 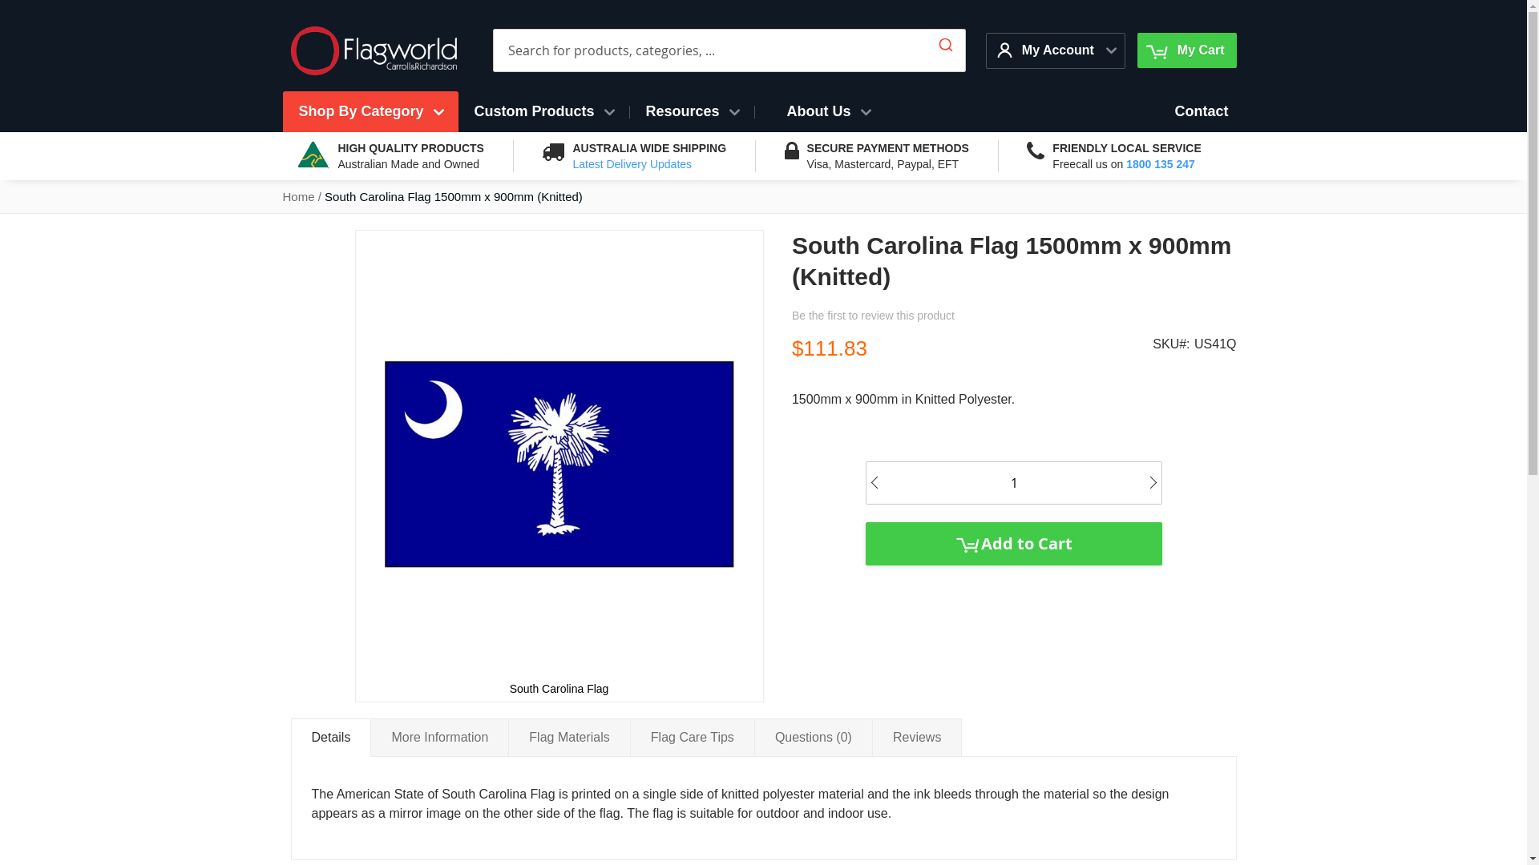 What do you see at coordinates (693, 737) in the screenshot?
I see `'Flag Care Tips'` at bounding box center [693, 737].